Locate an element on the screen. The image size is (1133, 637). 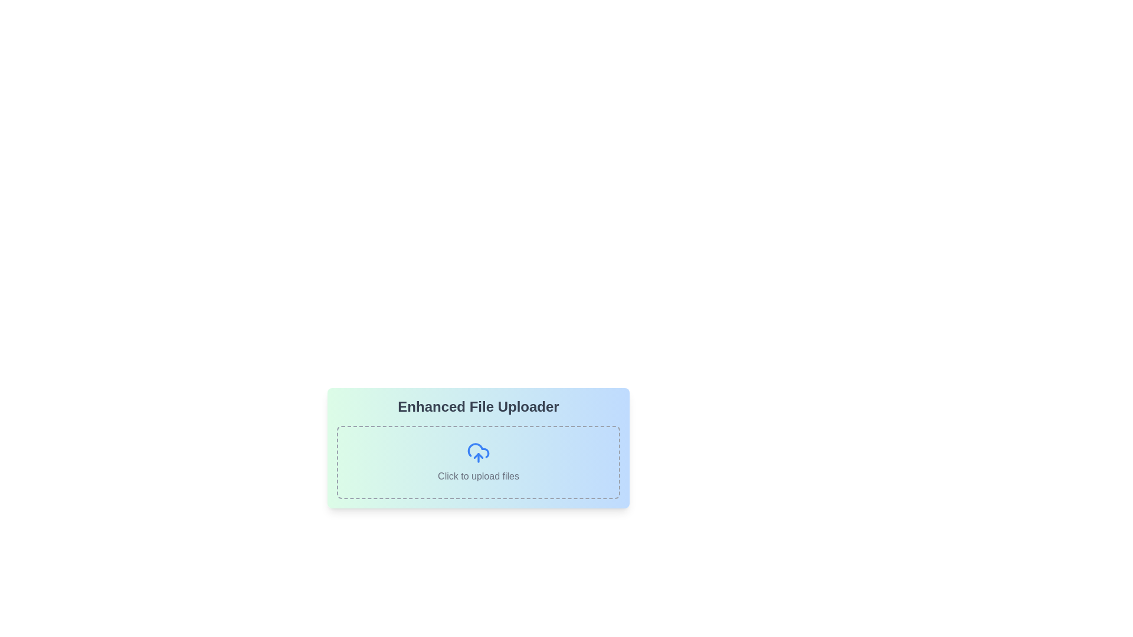
the file upload icon located in the 'Click to upload files' section of the 'Enhanced File Uploader' interface is located at coordinates (479, 452).